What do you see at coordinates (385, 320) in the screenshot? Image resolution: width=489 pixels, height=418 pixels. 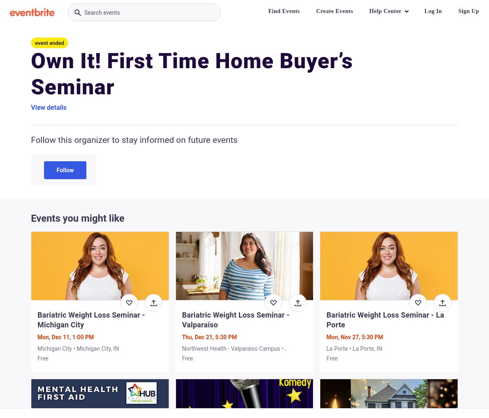 I see `'Bariatric Weight Loss Seminar - La Porte'` at bounding box center [385, 320].